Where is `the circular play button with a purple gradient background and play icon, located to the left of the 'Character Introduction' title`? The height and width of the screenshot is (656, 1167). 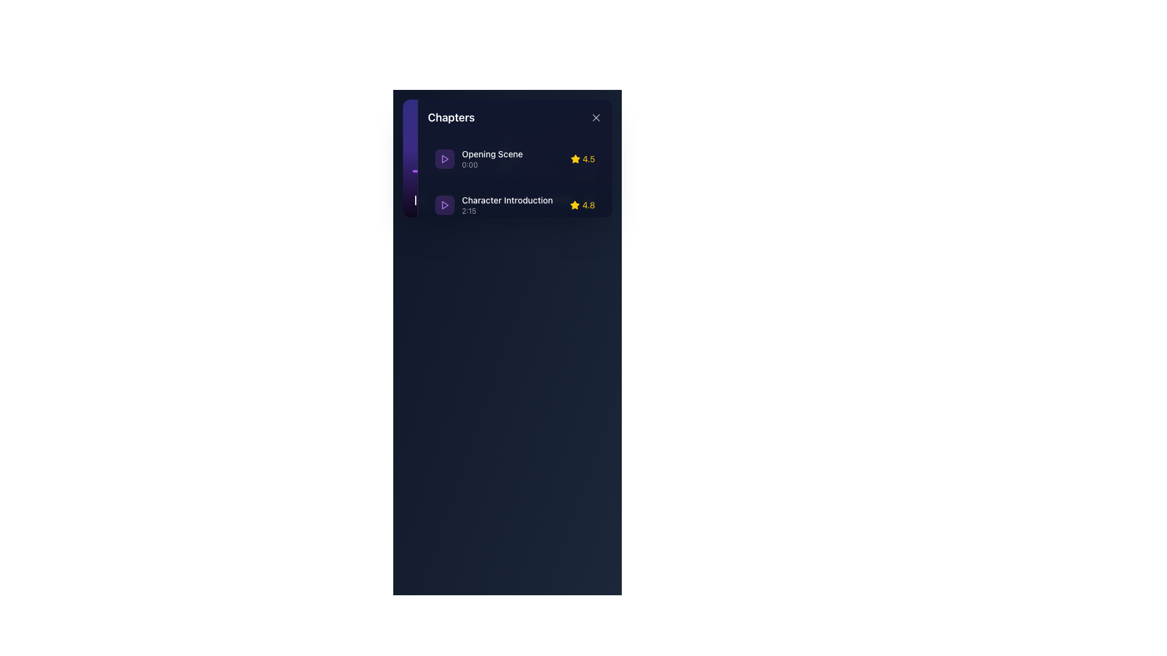
the circular play button with a purple gradient background and play icon, located to the left of the 'Character Introduction' title is located at coordinates (444, 205).